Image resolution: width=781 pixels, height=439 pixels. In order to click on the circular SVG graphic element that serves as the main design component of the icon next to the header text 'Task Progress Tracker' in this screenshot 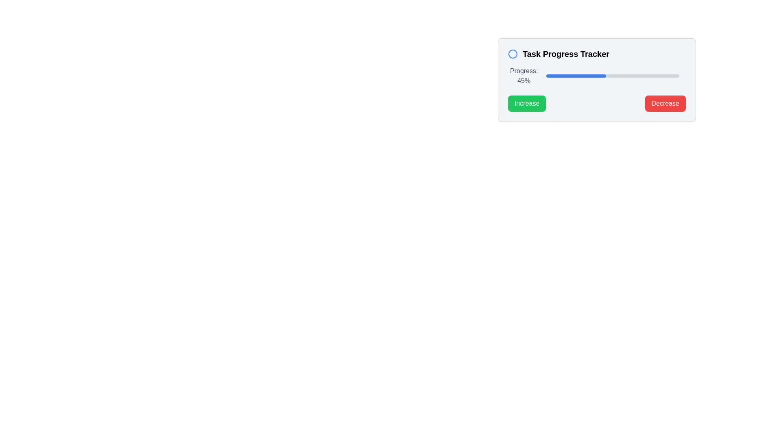, I will do `click(513, 54)`.